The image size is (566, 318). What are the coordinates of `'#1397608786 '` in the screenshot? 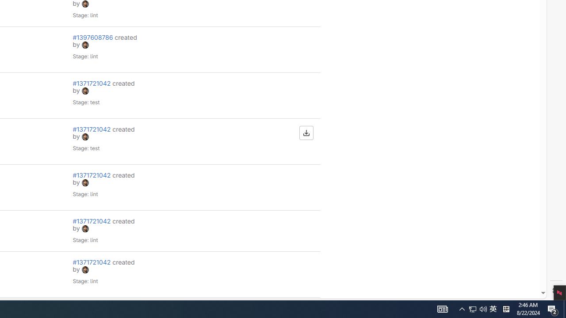 It's located at (93, 37).